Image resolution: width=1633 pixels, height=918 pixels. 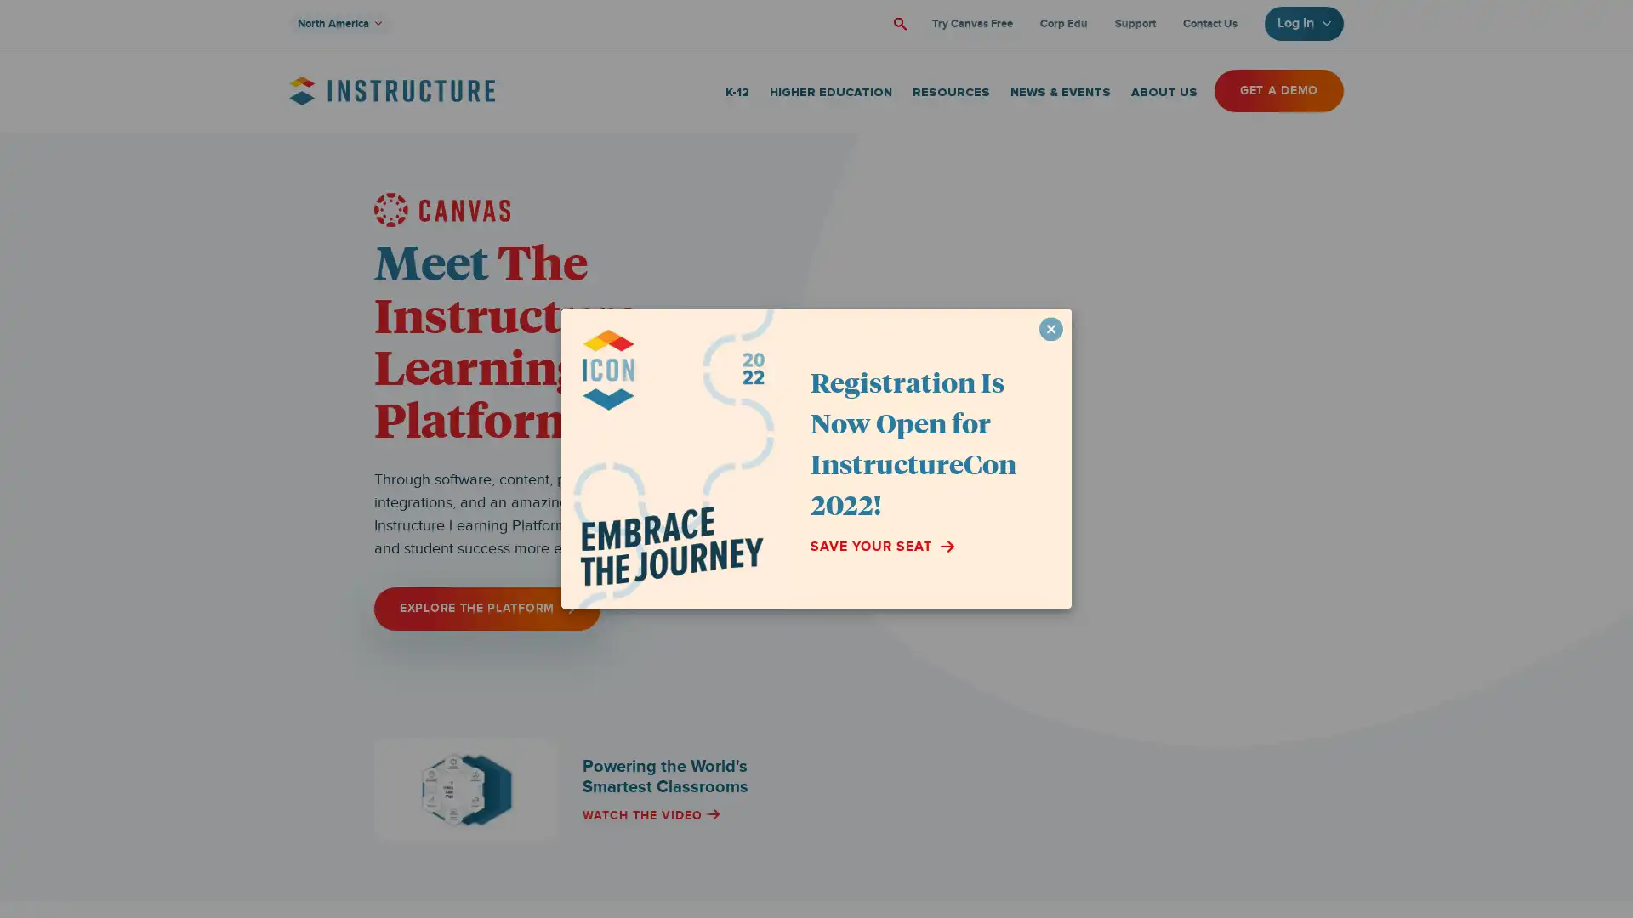 I want to click on I Accept, so click(x=173, y=806).